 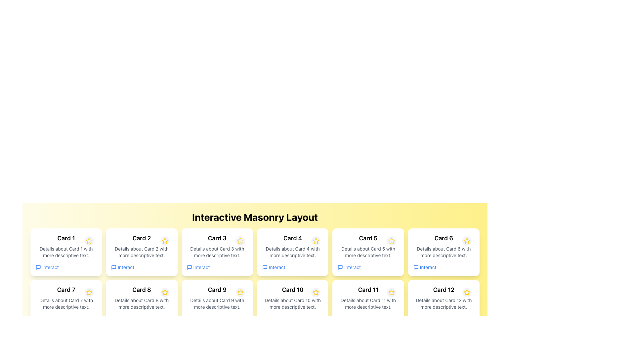 I want to click on the yellow five-point star icon located in the top-right corner of 'Card 12', positioned at the bottom-right corner of the layout grid, so click(x=466, y=292).